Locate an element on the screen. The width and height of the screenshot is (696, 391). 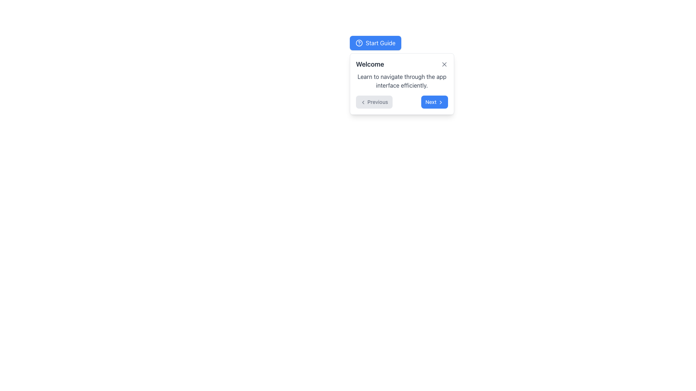
the Icon located within the 'Start Guide' button, which serves as a visual indicator for help or information is located at coordinates (359, 43).